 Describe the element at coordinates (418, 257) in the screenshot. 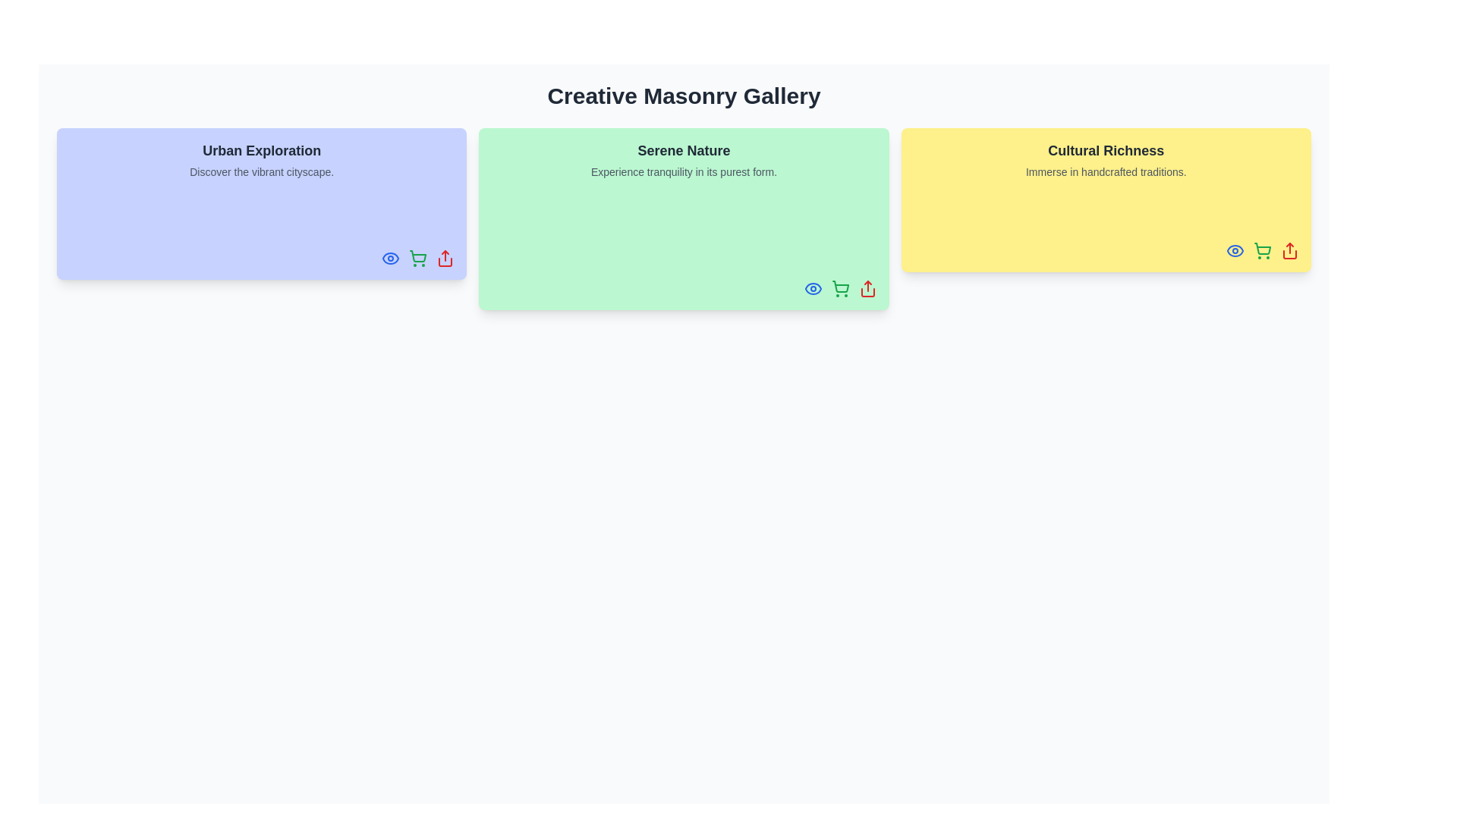

I see `the green shopping cart icon located in the bottom-right corner of the 'Urban Exploration' card` at that location.